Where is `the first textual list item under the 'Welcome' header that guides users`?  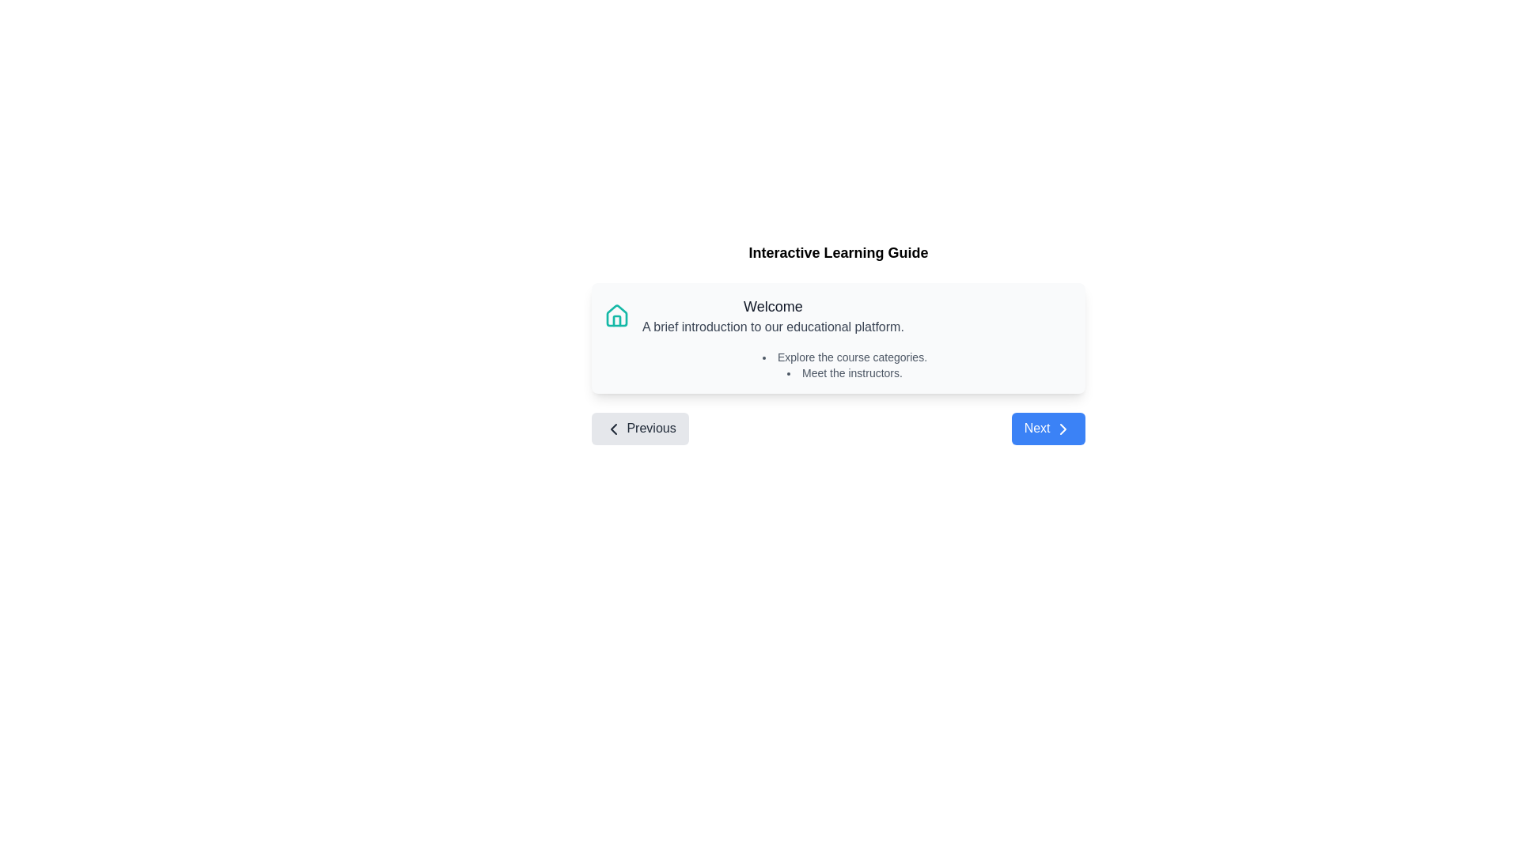
the first textual list item under the 'Welcome' header that guides users is located at coordinates (844, 357).